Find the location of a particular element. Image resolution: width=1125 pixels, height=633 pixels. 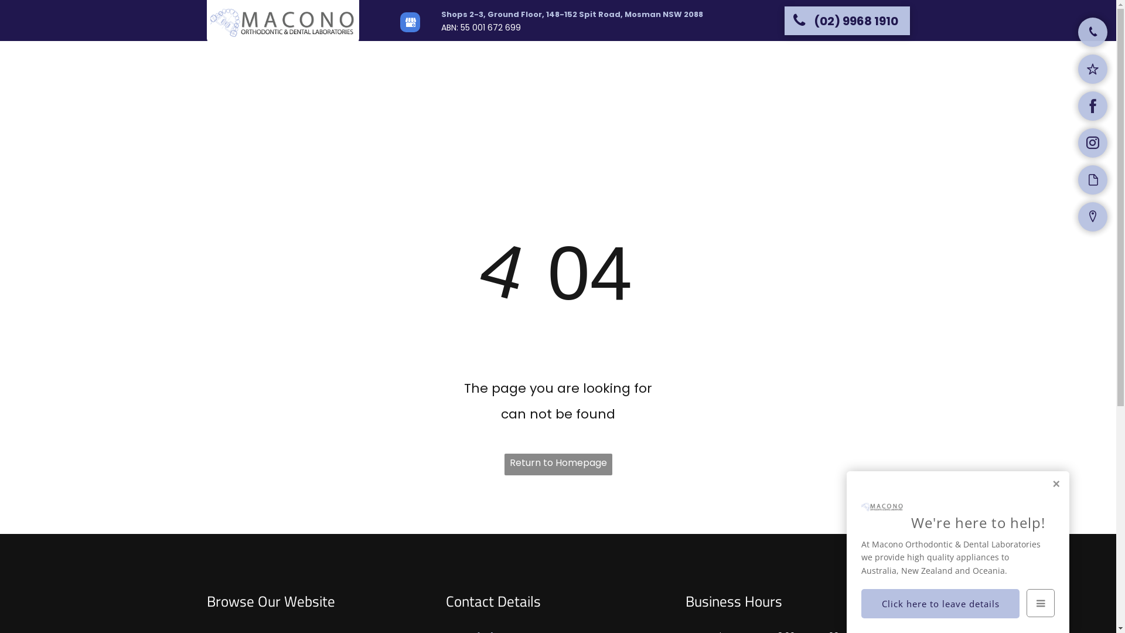

'(02) 9968 1910' is located at coordinates (846, 20).